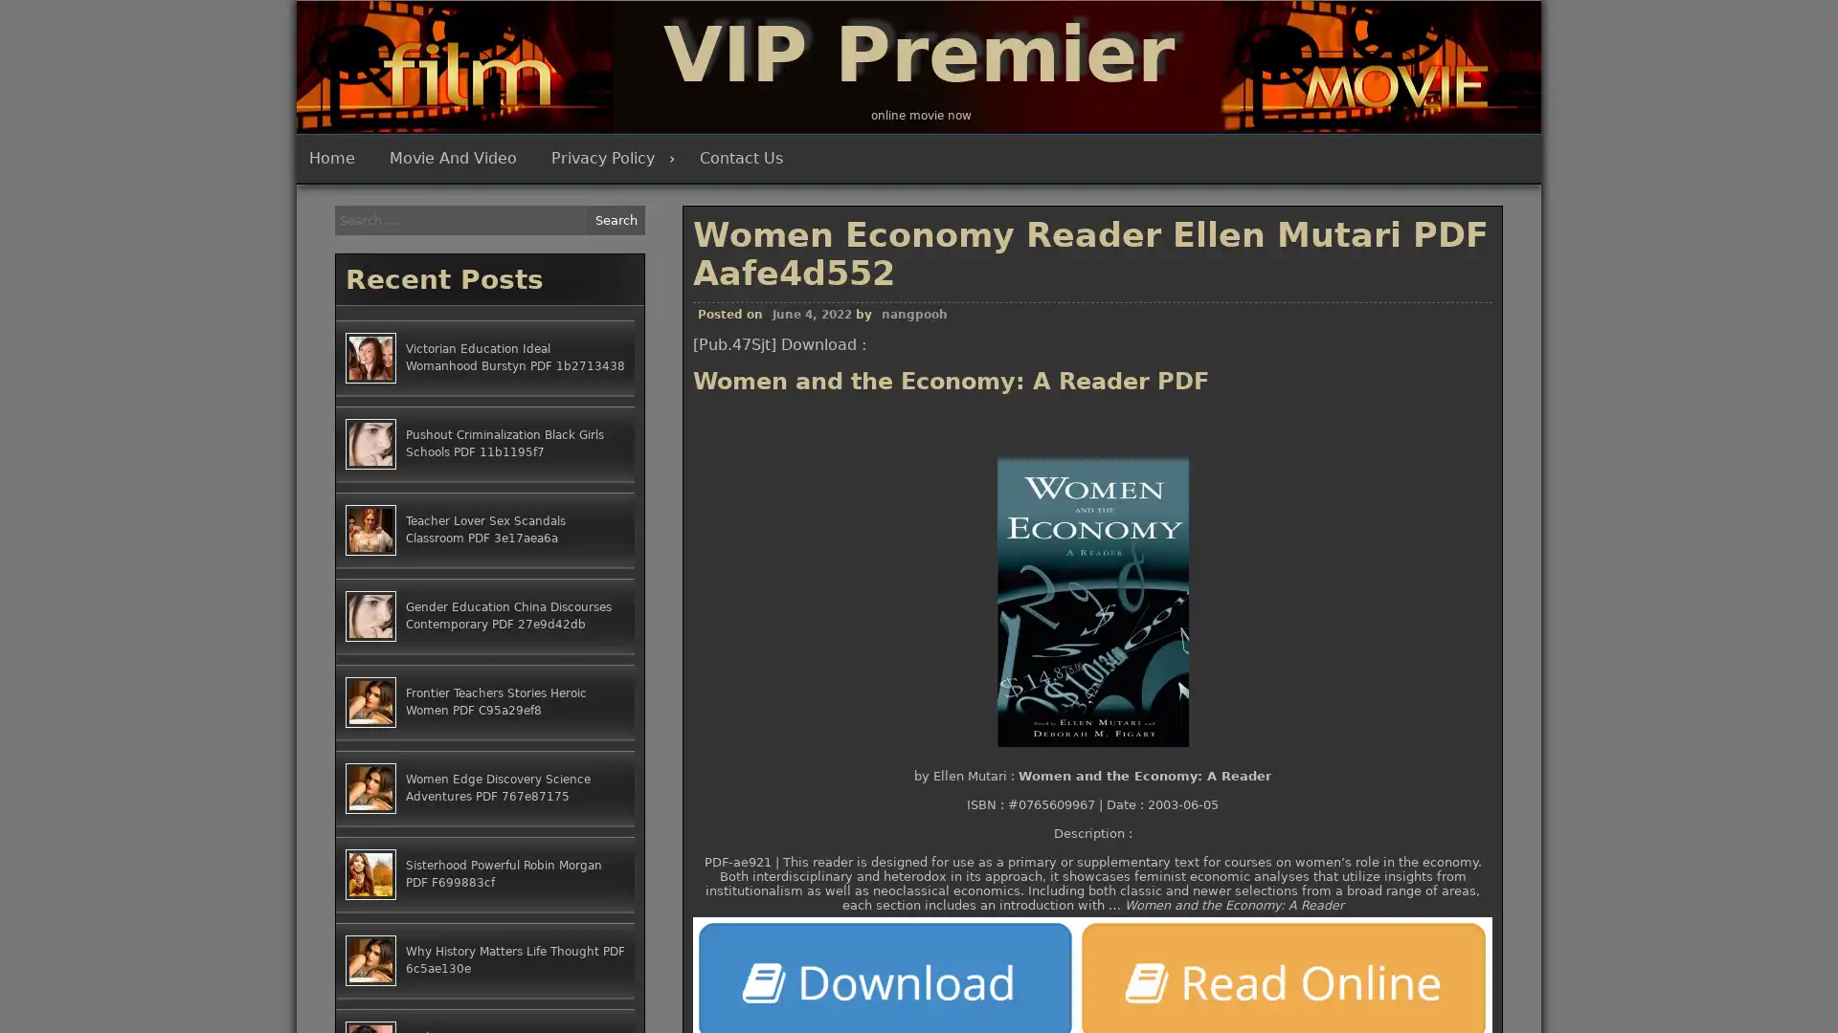  Describe the element at coordinates (616, 219) in the screenshot. I see `Search` at that location.